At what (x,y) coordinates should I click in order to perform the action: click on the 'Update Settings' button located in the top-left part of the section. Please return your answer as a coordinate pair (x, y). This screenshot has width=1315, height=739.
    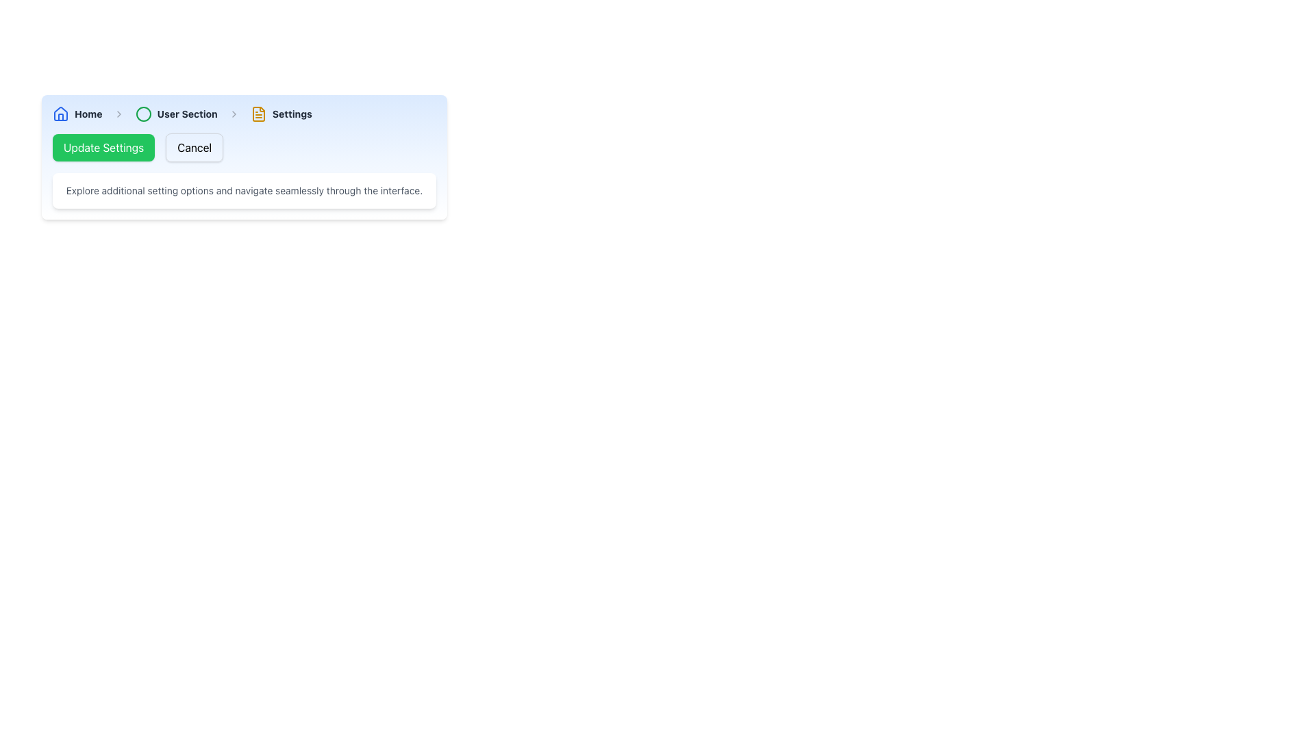
    Looking at the image, I should click on (103, 148).